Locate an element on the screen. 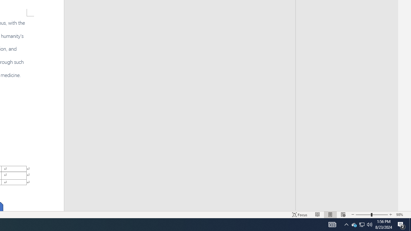 The height and width of the screenshot is (231, 411). 'Focus ' is located at coordinates (300, 215).